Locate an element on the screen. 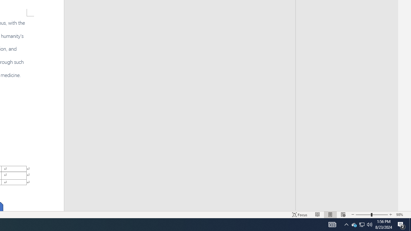 The height and width of the screenshot is (231, 411). 'Focus ' is located at coordinates (300, 215).